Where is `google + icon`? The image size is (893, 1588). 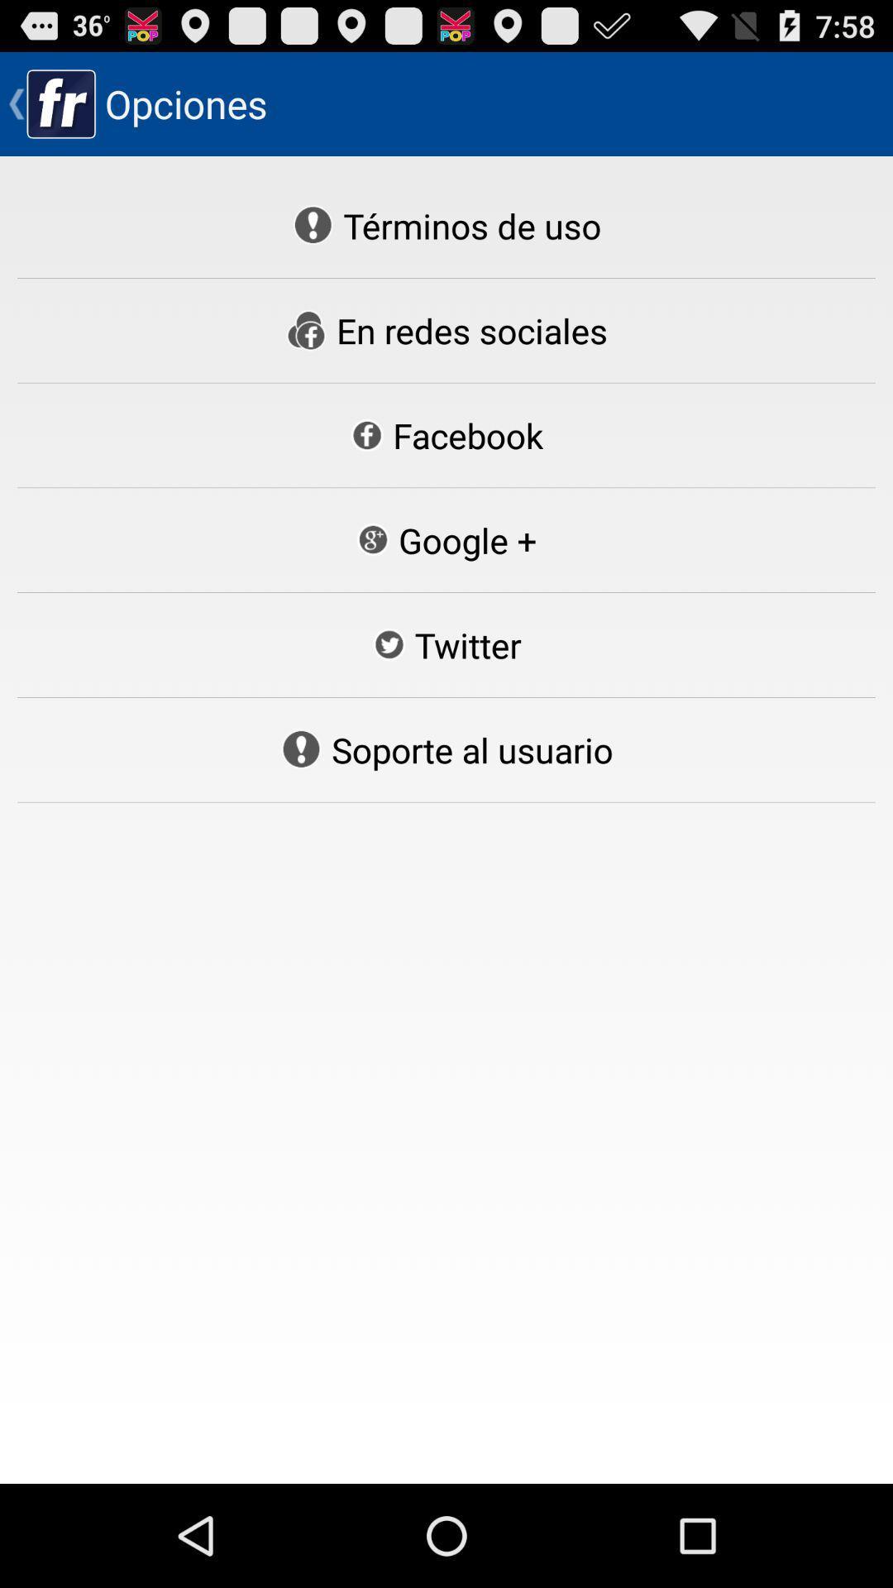 google + icon is located at coordinates (445, 540).